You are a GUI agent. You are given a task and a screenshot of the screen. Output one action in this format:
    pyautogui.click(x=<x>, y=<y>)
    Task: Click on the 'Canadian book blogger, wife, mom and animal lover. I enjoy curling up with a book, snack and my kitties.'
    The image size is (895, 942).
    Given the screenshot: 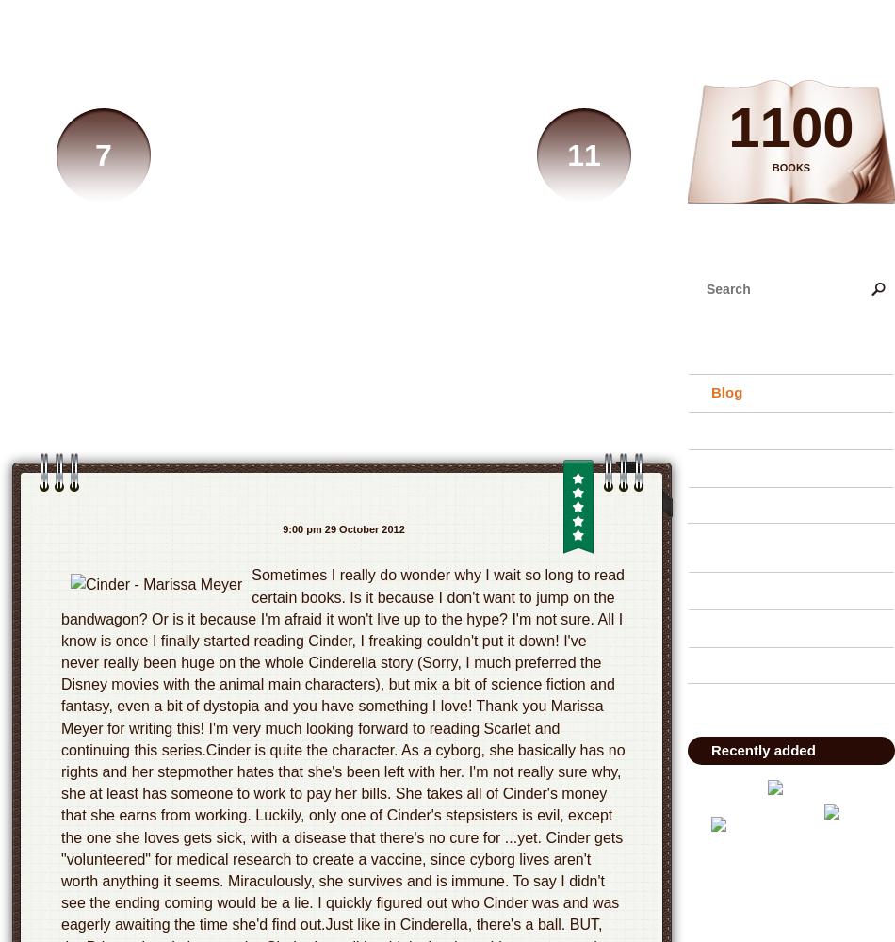 What is the action you would take?
    pyautogui.click(x=342, y=365)
    